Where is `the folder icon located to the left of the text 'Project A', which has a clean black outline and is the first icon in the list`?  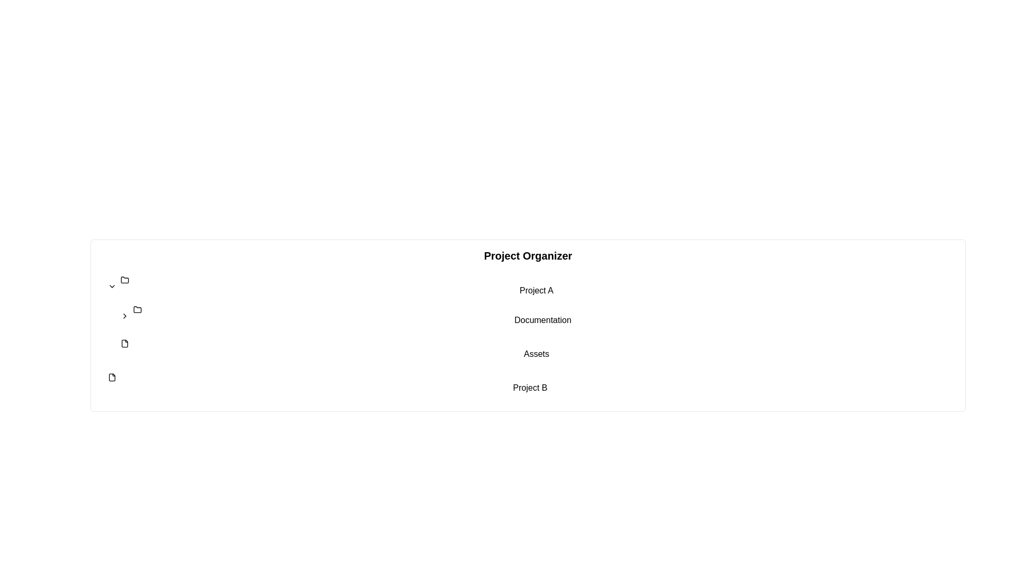
the folder icon located to the left of the text 'Project A', which has a clean black outline and is the first icon in the list is located at coordinates (124, 279).